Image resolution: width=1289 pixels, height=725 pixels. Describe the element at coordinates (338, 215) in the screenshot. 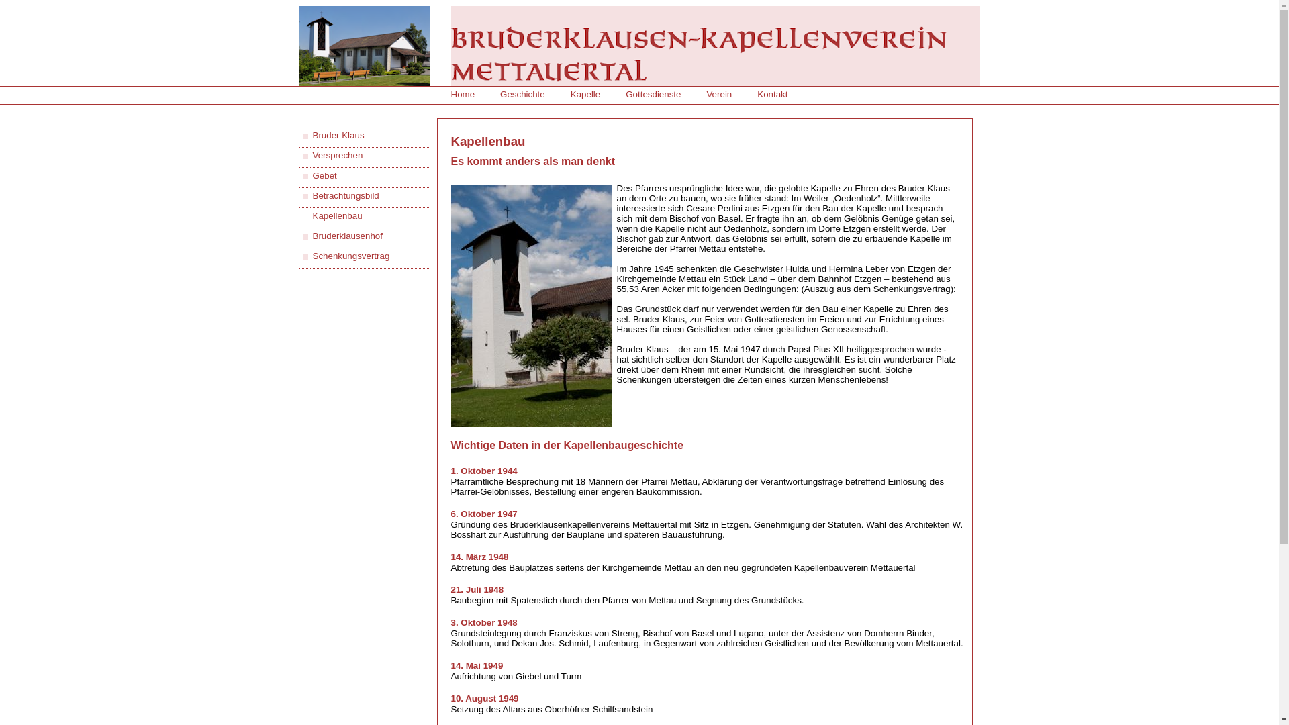

I see `'Kapellenbau'` at that location.